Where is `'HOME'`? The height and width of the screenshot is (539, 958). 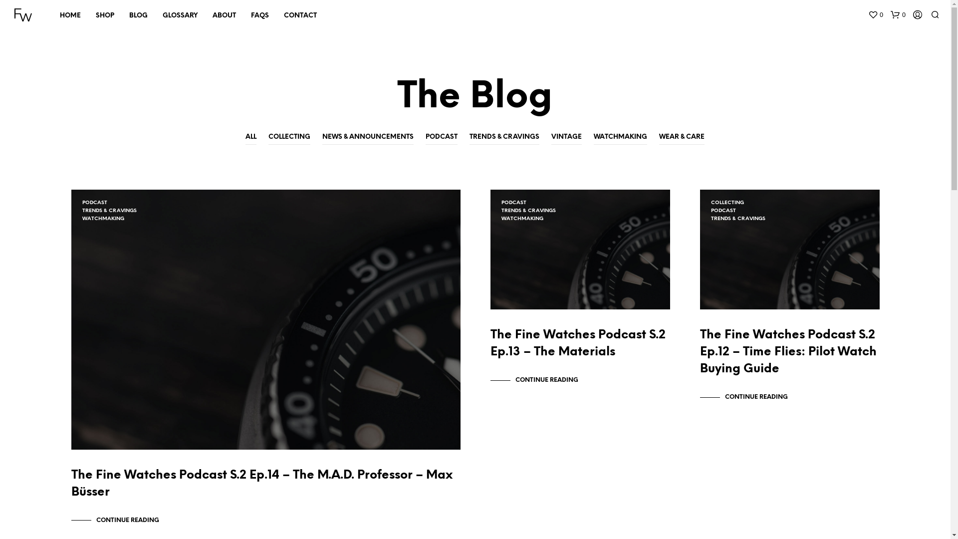
'HOME' is located at coordinates (69, 15).